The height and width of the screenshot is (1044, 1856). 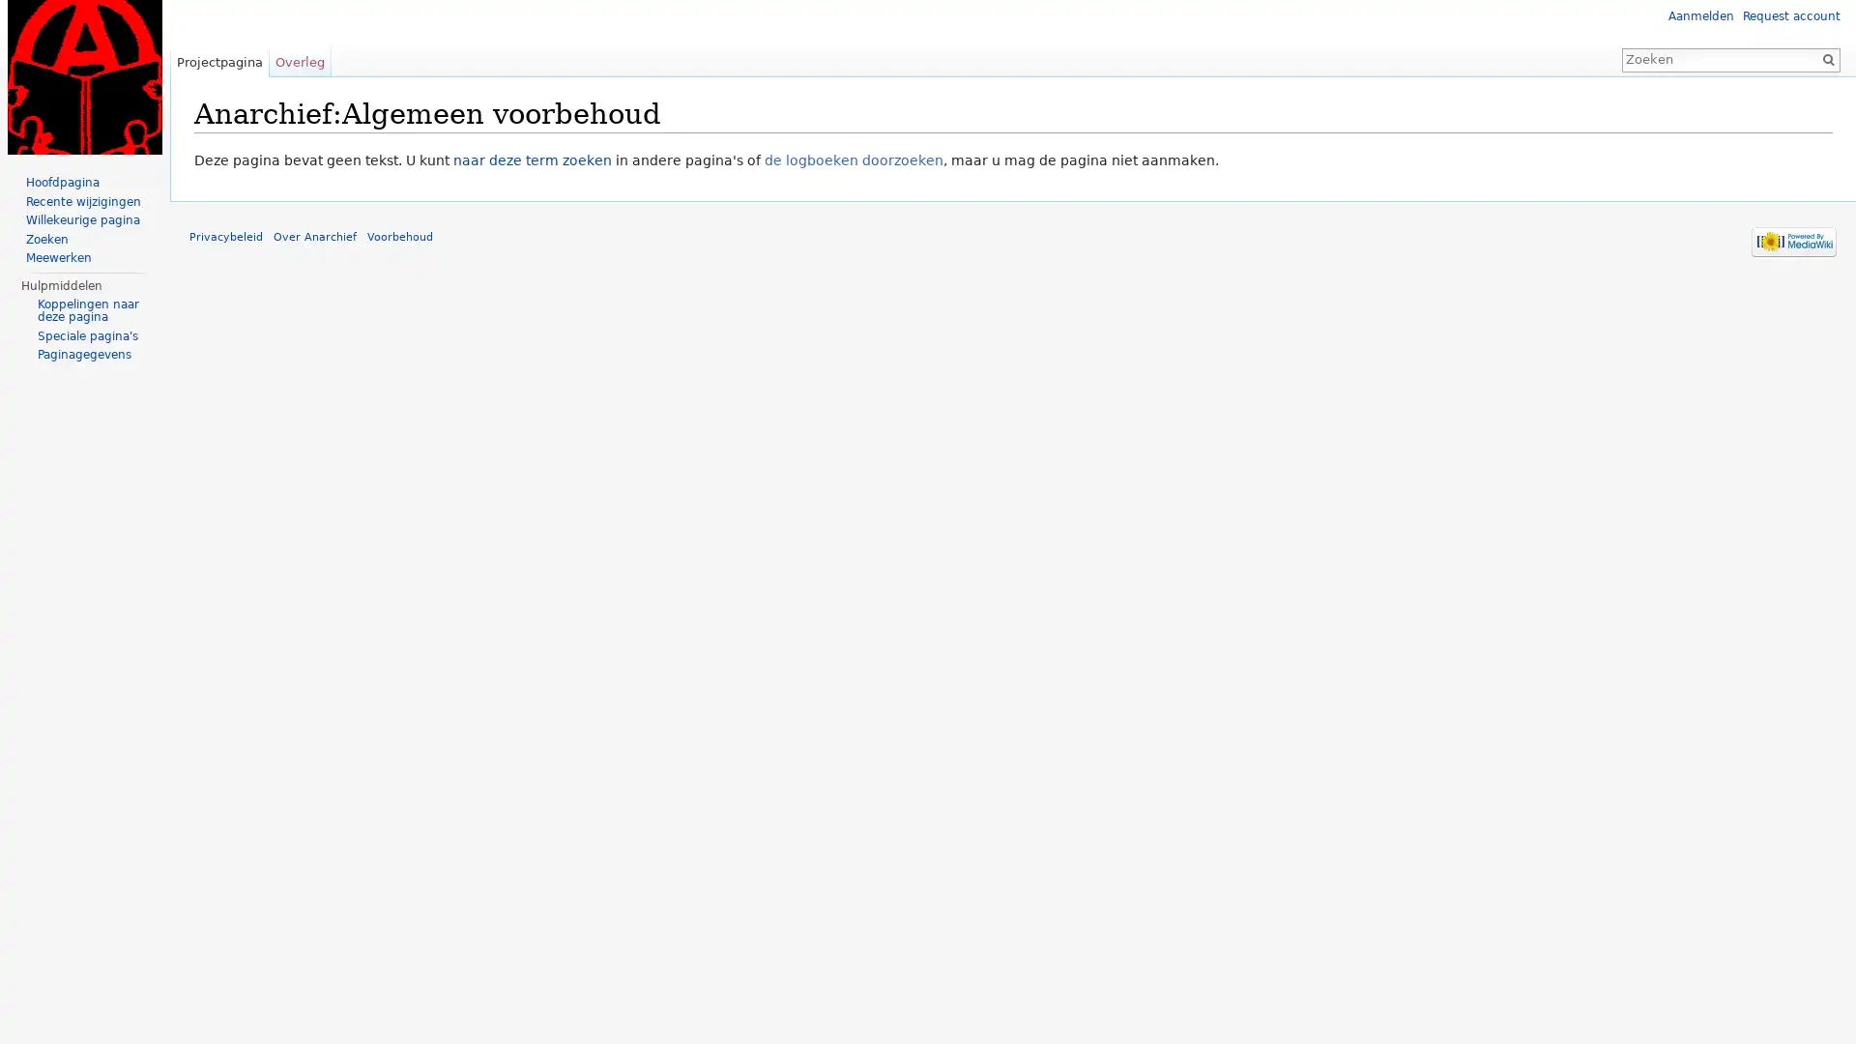 I want to click on OK, so click(x=1827, y=58).